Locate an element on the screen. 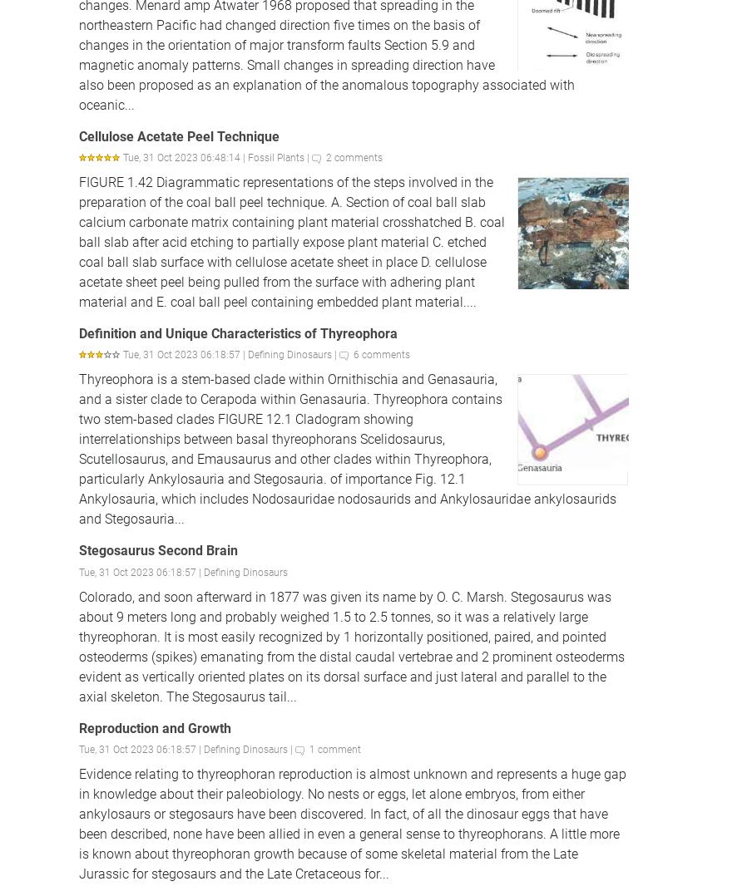 Image resolution: width=752 pixels, height=891 pixels. 'Colorado, and soon afterward in 1877 was given its name by O. C. Marsh. Stegosaurus was about 9 meters long and probably weighed 1.5 to 2.5 tonnes, so it was a relatively large thyreophoran. It is most easily recognized by 1 horizontally positioned, paired, and pointed osteoderms (spikes) emanating from the distal caudal vertebrae and 2 prominent osteoderms evident as vertically oriented plates on its dorsal surface and just lateral and parallel to the axial skeleton. The Stegosaurus tail...' is located at coordinates (351, 646).